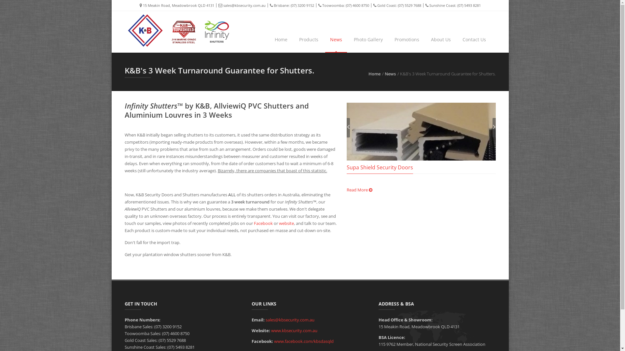 The image size is (625, 351). Describe the element at coordinates (359, 189) in the screenshot. I see `'Read More'` at that location.